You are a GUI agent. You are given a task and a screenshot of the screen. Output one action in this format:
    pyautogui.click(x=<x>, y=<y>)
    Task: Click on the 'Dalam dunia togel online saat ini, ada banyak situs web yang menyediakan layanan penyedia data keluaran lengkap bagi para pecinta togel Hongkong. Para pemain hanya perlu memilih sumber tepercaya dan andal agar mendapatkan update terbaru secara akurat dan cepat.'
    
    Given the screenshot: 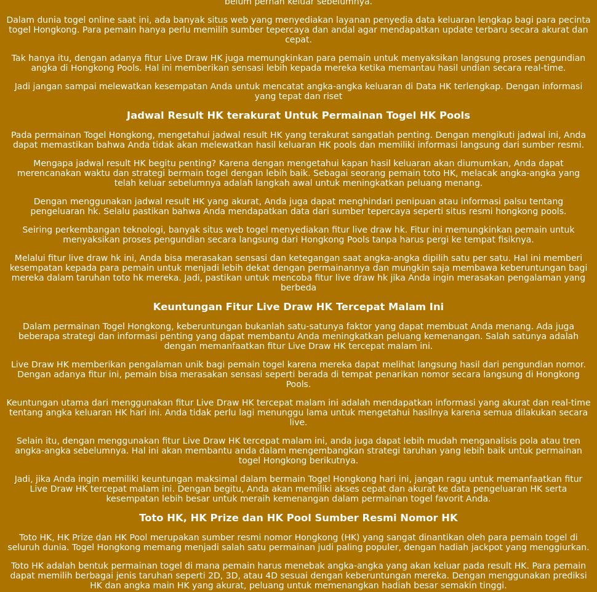 What is the action you would take?
    pyautogui.click(x=297, y=28)
    